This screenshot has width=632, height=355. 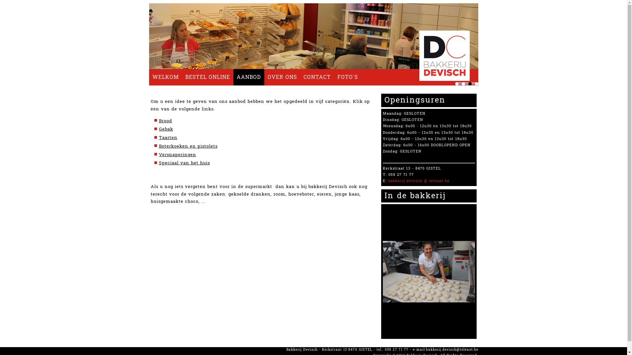 What do you see at coordinates (233, 77) in the screenshot?
I see `'AANBOD'` at bounding box center [233, 77].